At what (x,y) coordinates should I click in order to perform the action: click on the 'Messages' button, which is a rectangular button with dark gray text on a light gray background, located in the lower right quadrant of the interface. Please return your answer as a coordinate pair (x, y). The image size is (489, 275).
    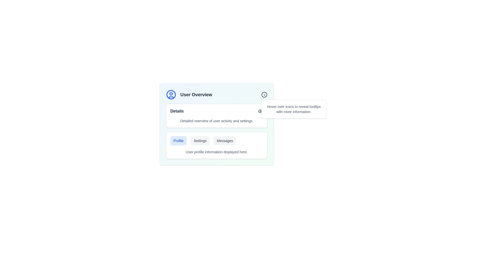
    Looking at the image, I should click on (225, 141).